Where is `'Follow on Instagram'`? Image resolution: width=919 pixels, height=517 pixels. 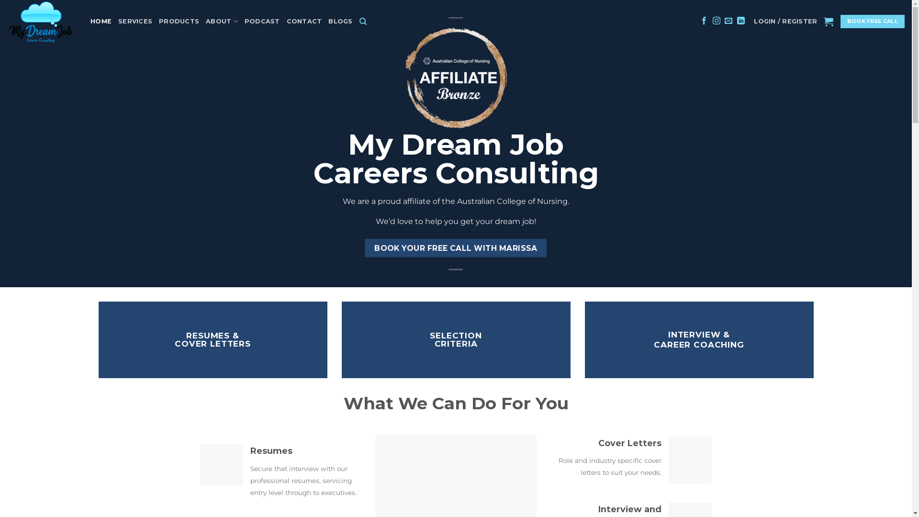 'Follow on Instagram' is located at coordinates (712, 21).